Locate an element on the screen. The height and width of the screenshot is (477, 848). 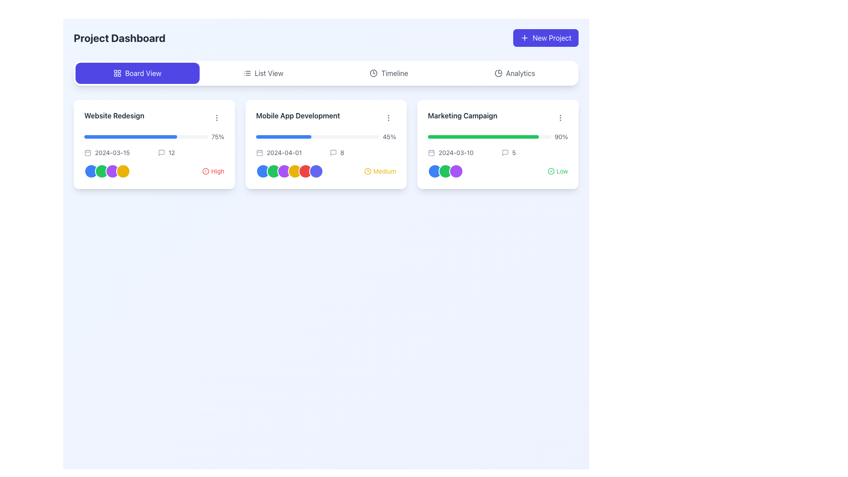
the SVG icon located to the left of the numerical '12' text in the first column of the grid layout under the 'Website Redesign' heading is located at coordinates (161, 152).